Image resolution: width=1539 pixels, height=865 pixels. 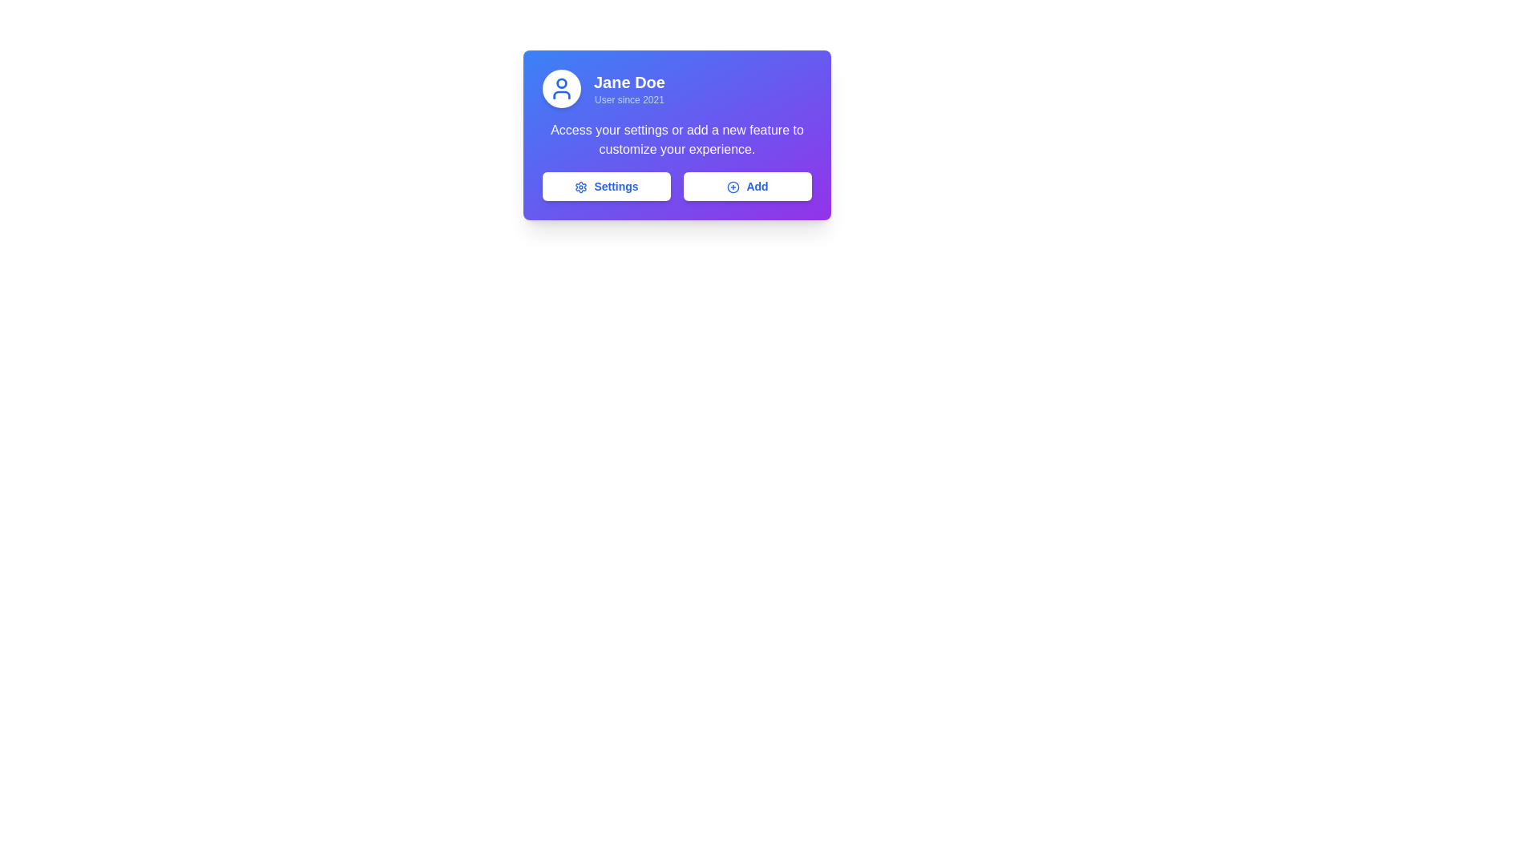 What do you see at coordinates (561, 89) in the screenshot?
I see `the blue user silhouette SVG icon located at the top-left corner of the card to initiate a related action` at bounding box center [561, 89].